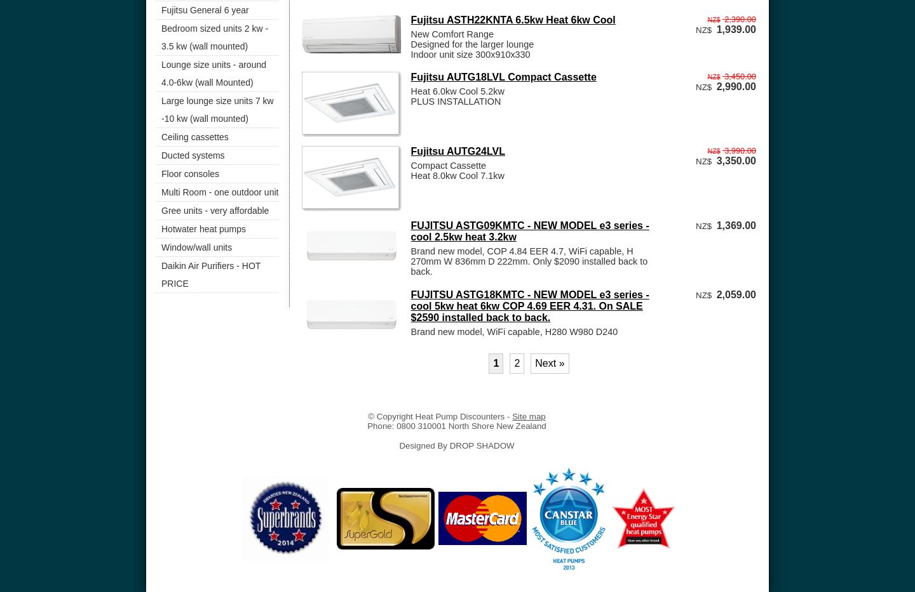  What do you see at coordinates (740, 18) in the screenshot?
I see `'2,390.00'` at bounding box center [740, 18].